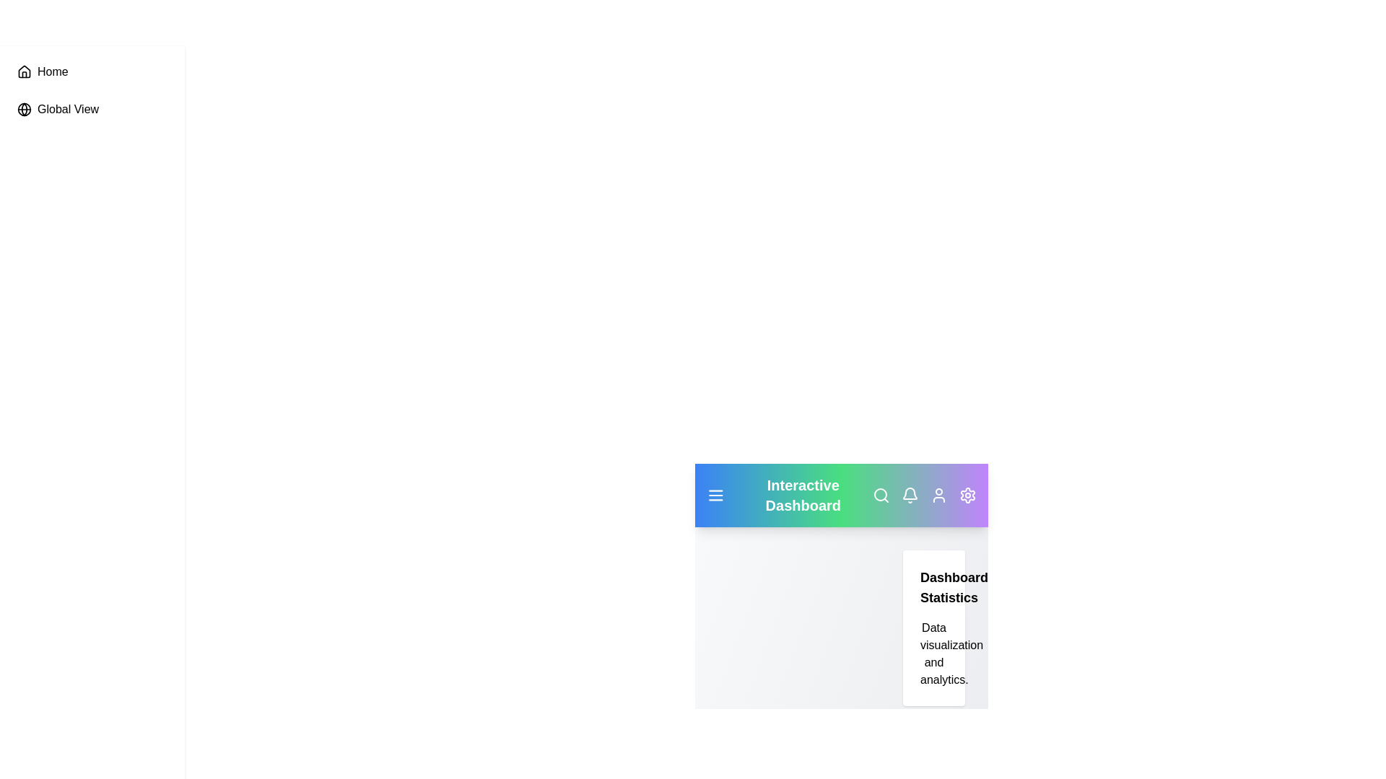 This screenshot has width=1386, height=779. What do you see at coordinates (92, 72) in the screenshot?
I see `the menu item Home` at bounding box center [92, 72].